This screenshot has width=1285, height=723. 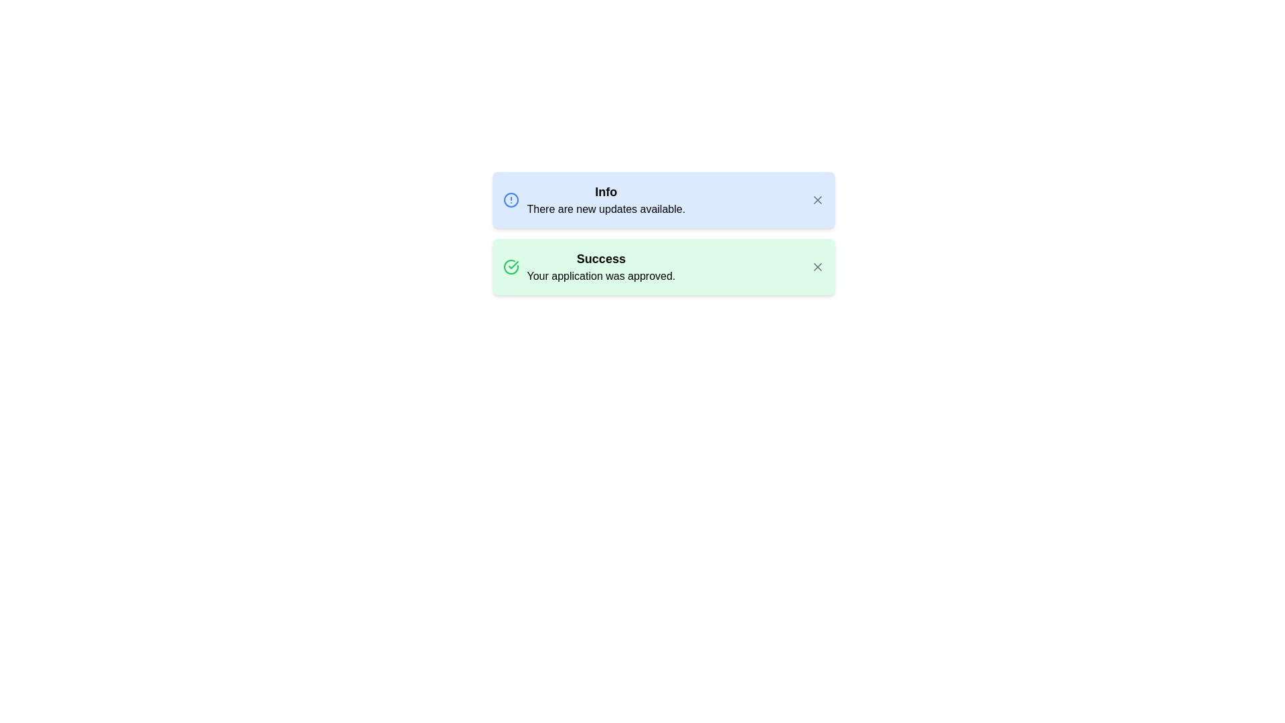 What do you see at coordinates (817, 266) in the screenshot?
I see `the close icon button (X symbol) located at the top-right corner of the green notification box that states 'Success Your application was approved.'` at bounding box center [817, 266].